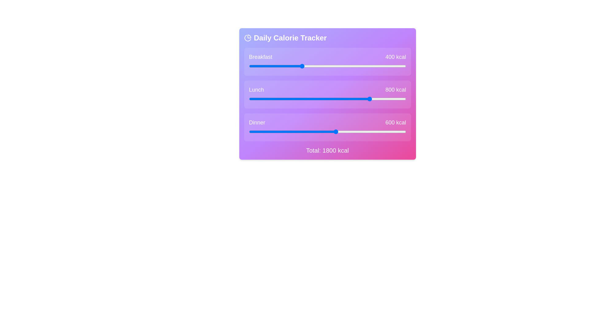 This screenshot has width=589, height=331. I want to click on the dinner calorie value, so click(280, 131).